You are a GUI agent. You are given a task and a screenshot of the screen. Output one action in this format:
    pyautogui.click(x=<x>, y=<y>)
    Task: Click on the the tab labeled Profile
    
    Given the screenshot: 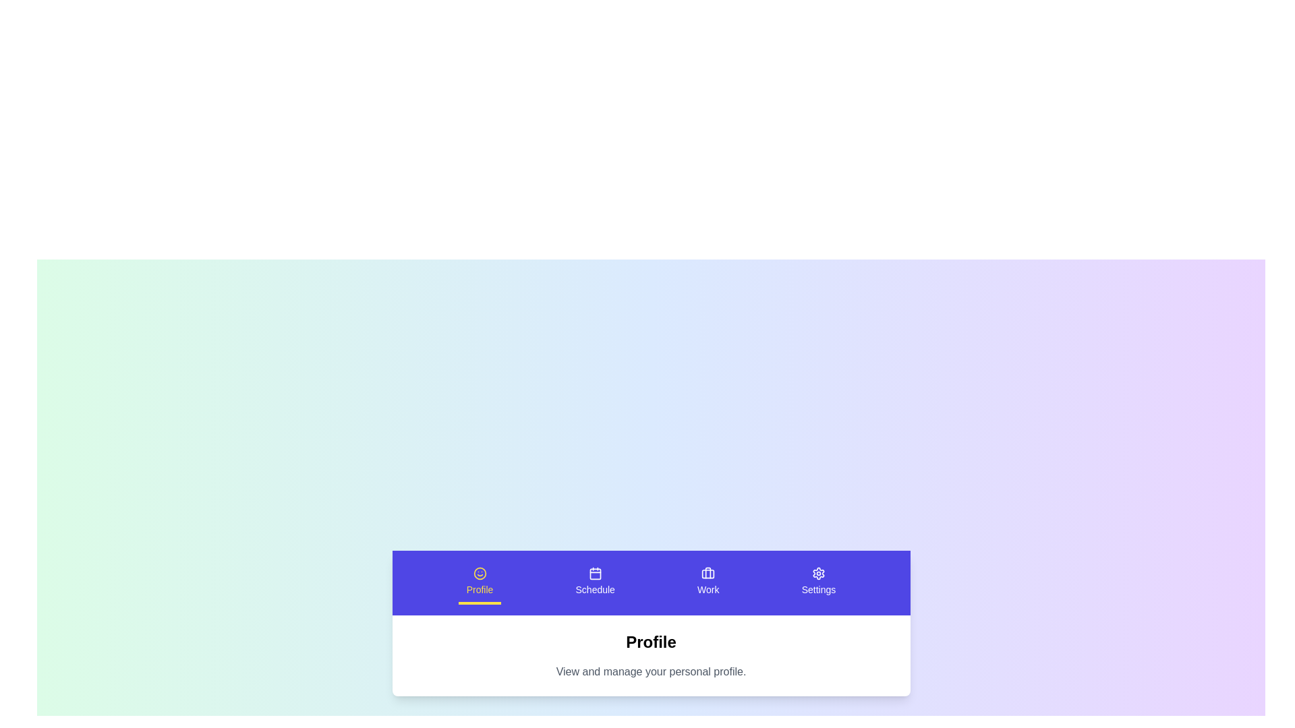 What is the action you would take?
    pyautogui.click(x=480, y=582)
    